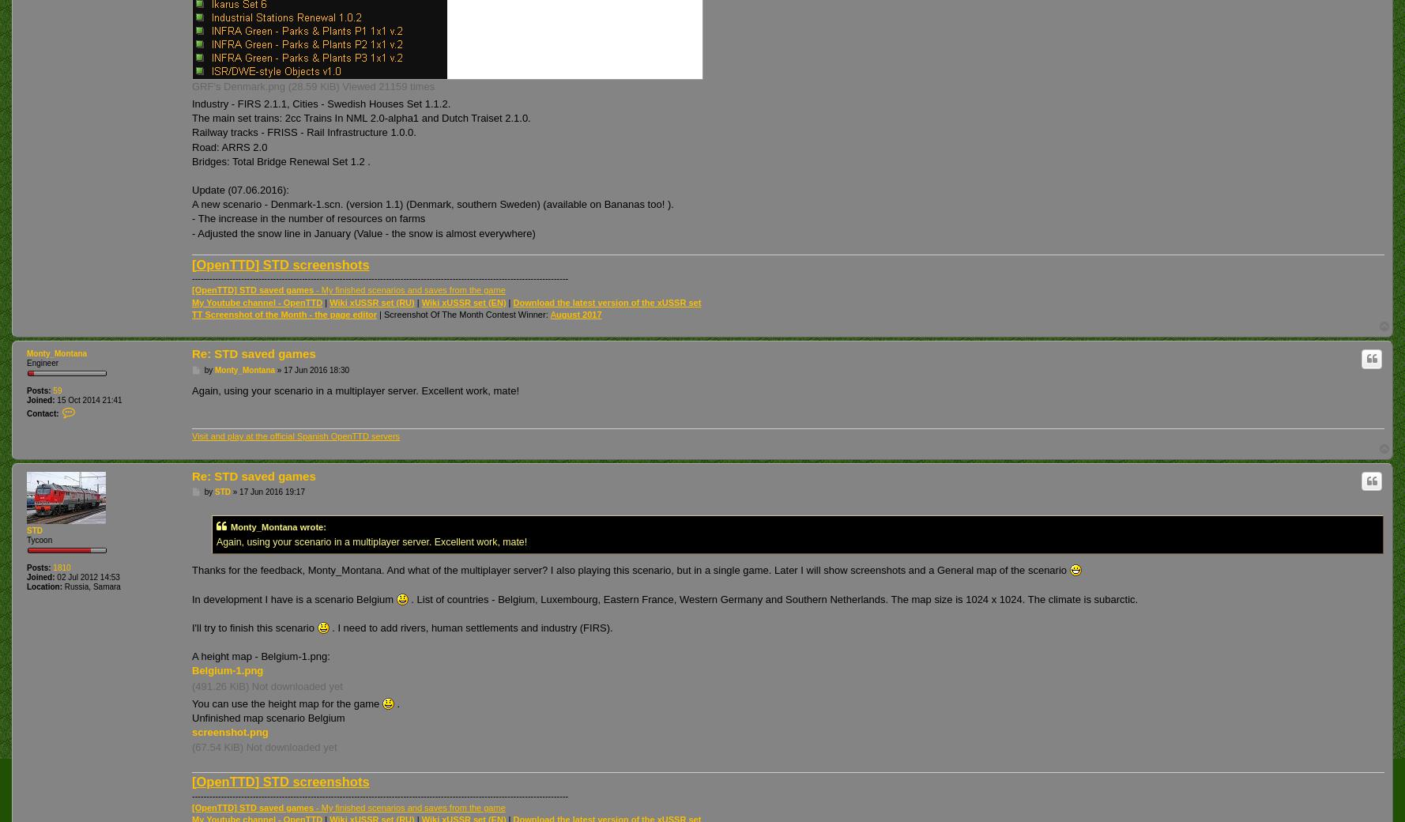  I want to click on '15 Oct 2014 21:41', so click(53, 400).